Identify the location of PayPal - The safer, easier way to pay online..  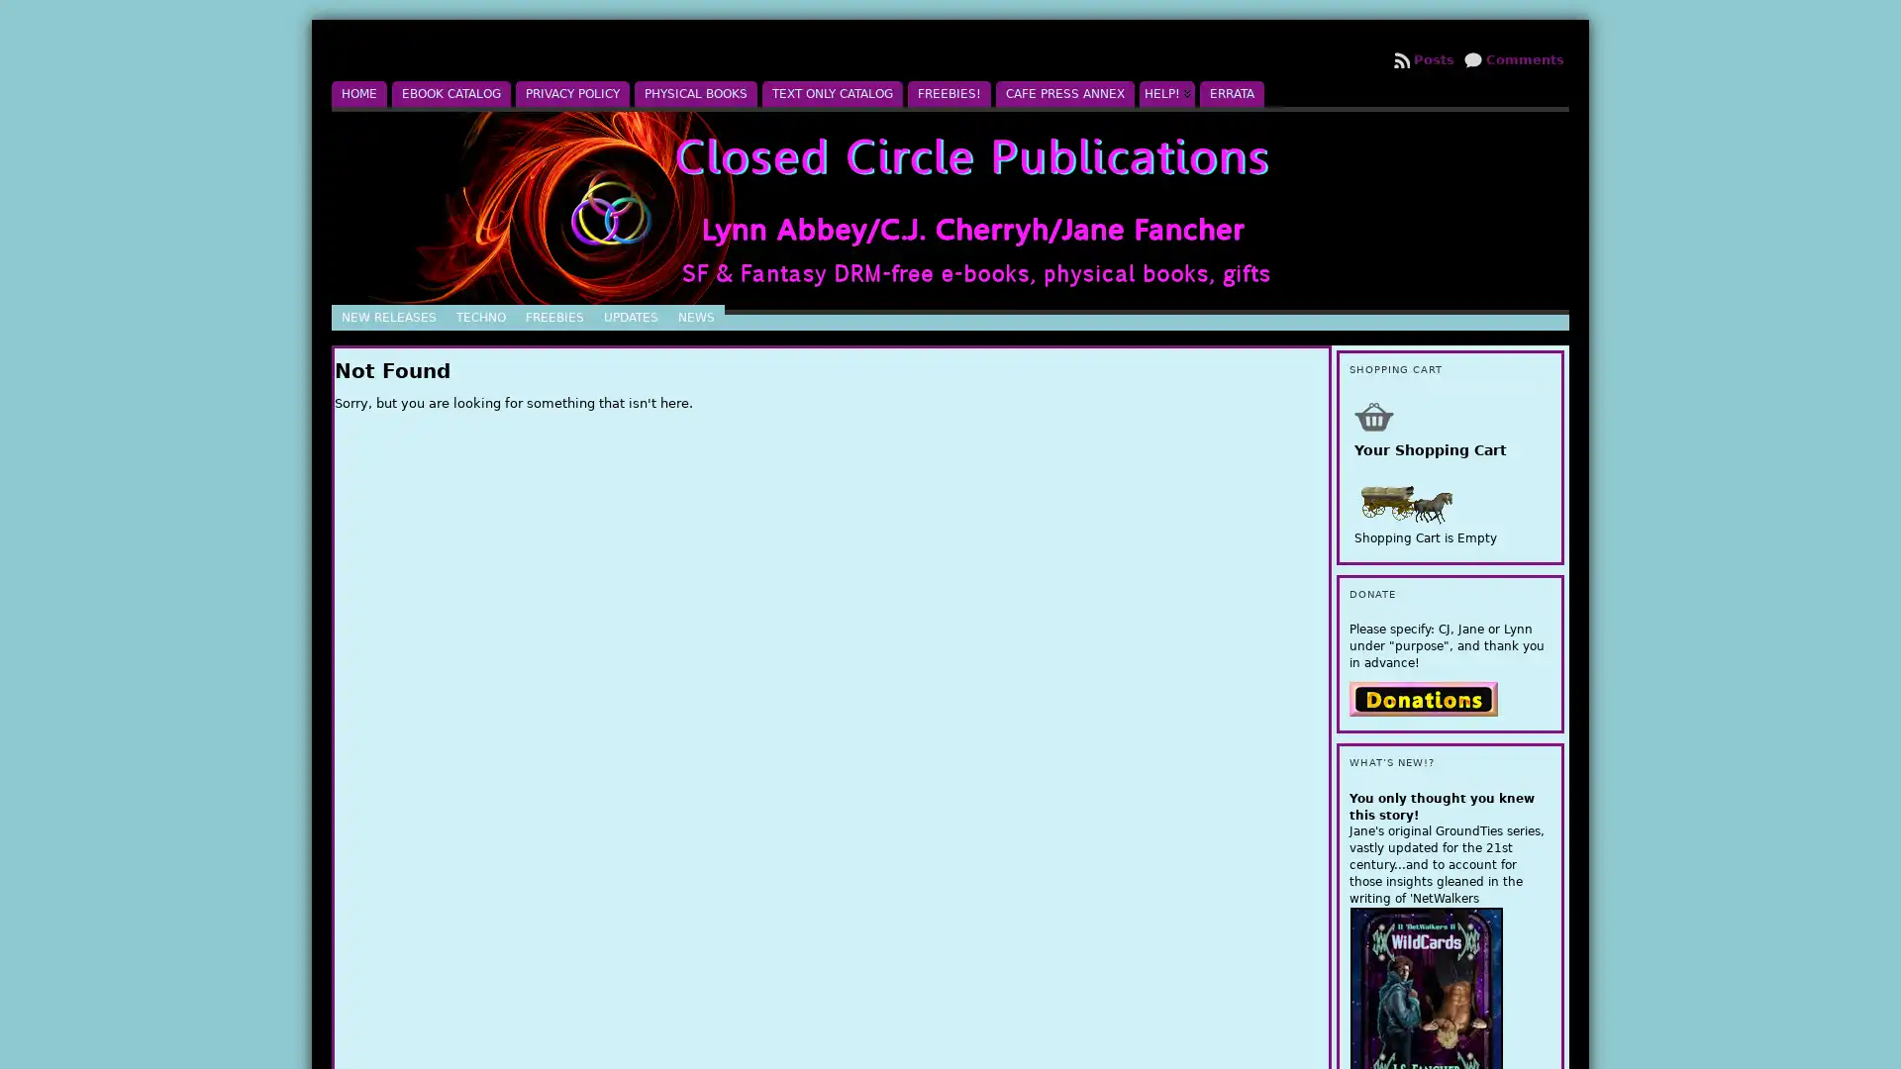
(1423, 697).